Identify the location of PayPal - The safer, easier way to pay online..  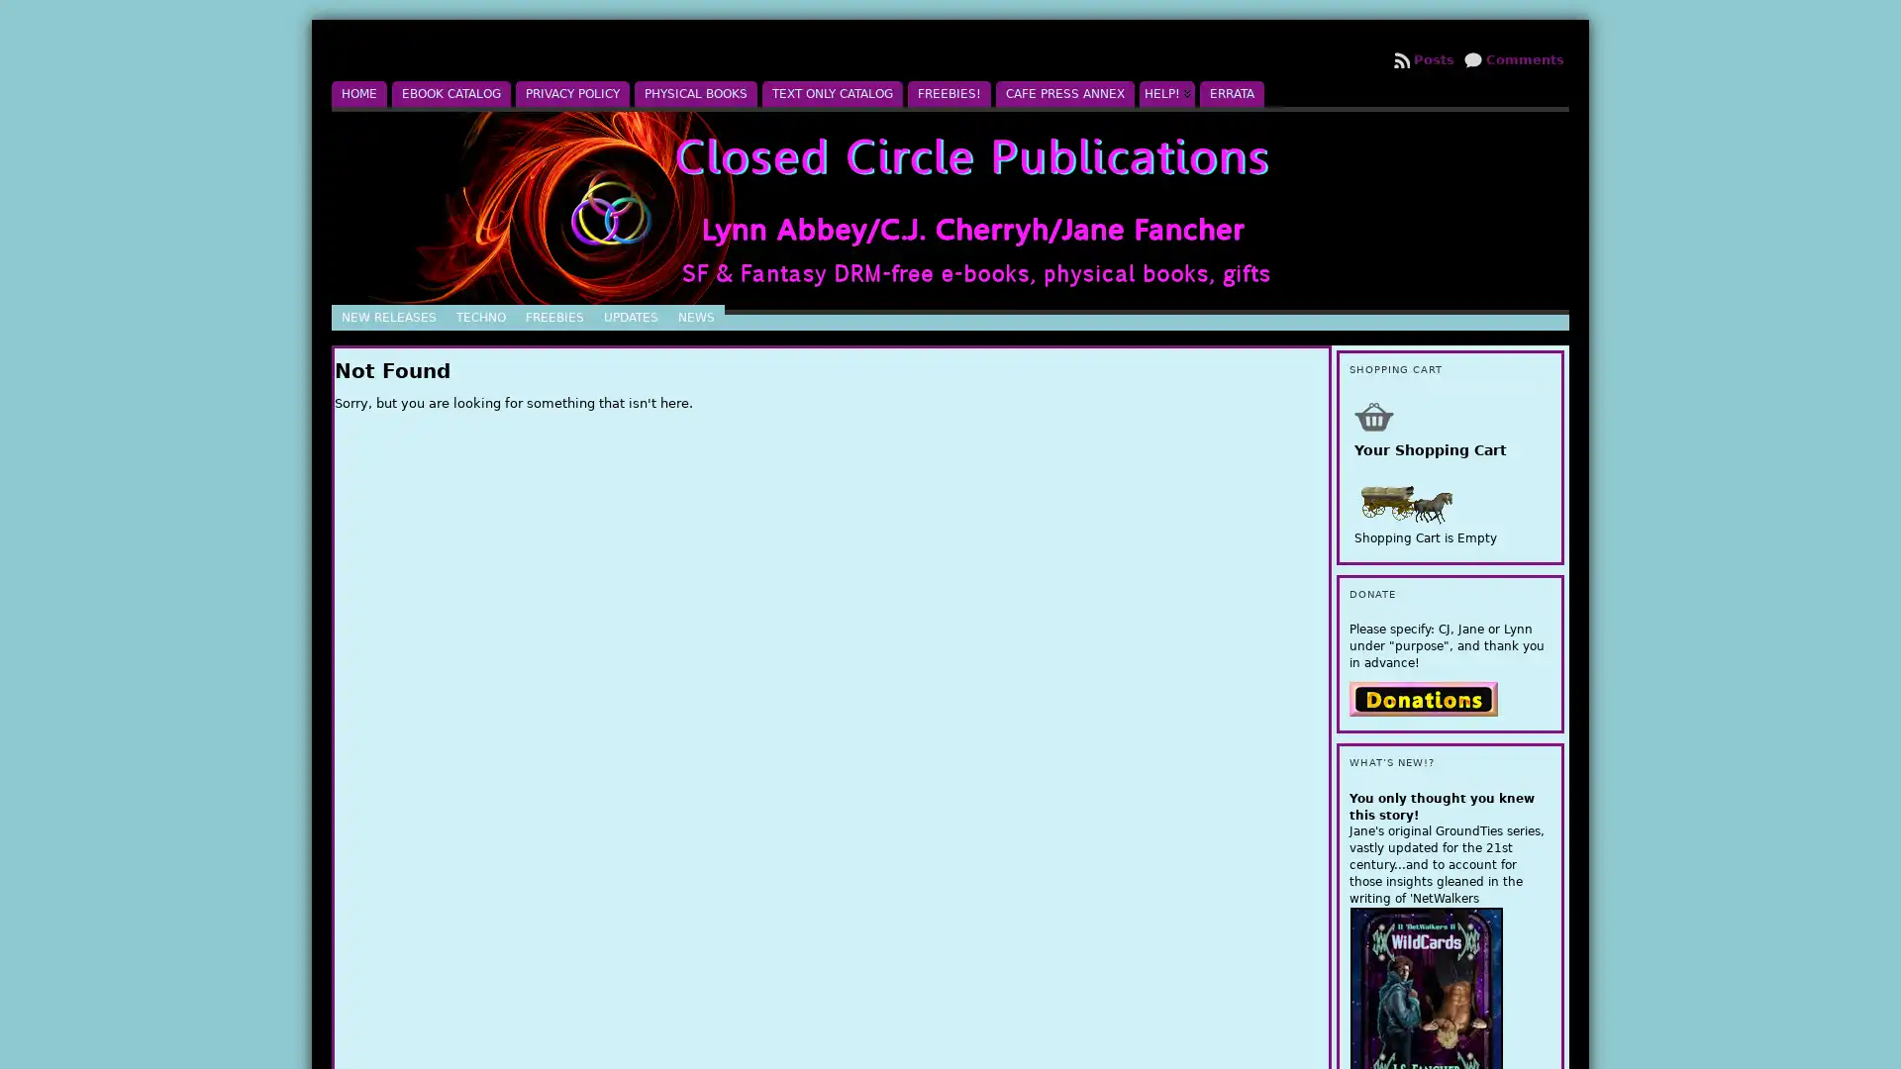
(1423, 697).